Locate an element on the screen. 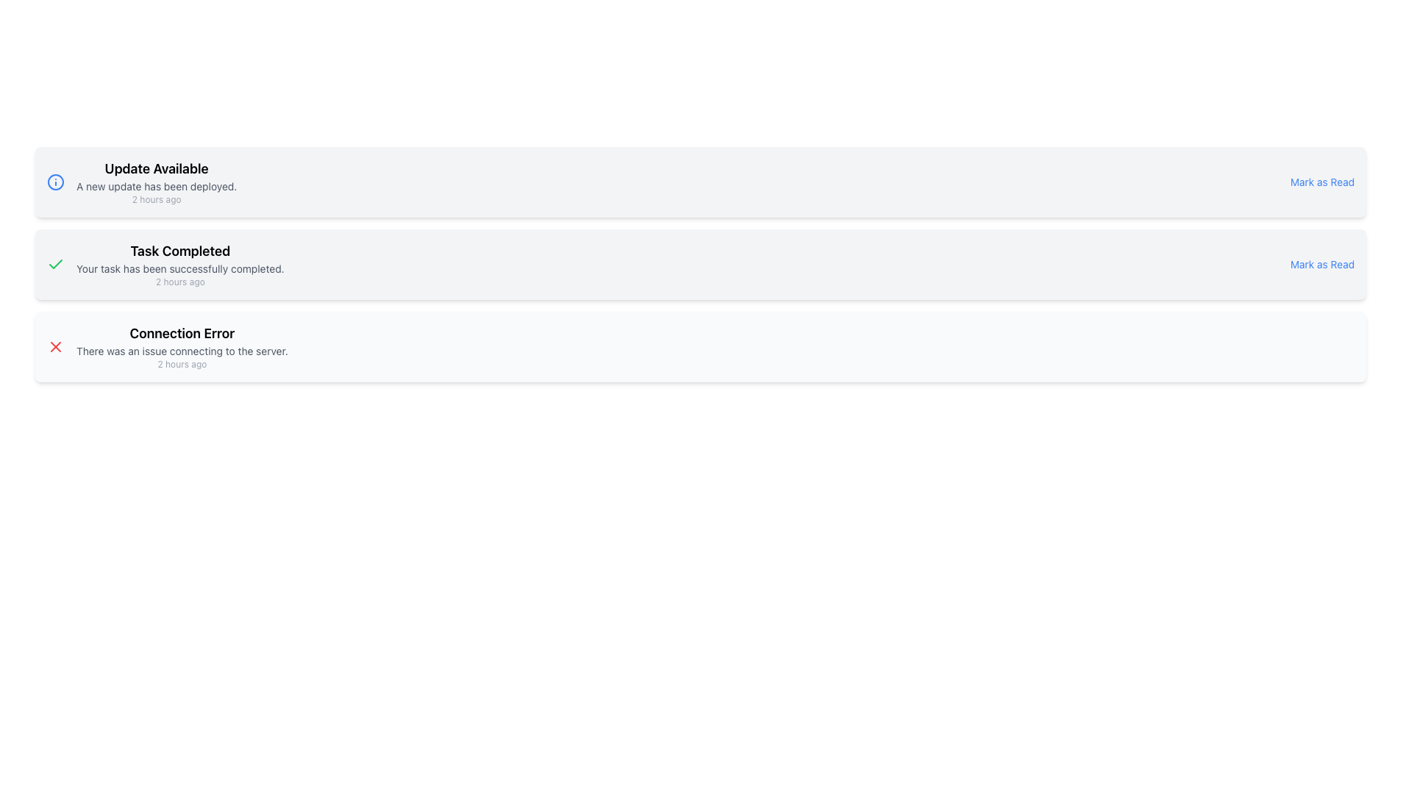  the Notification Component that alerts users about connection issues, positioned centrally in the lower section of the three-item list is located at coordinates (167, 346).